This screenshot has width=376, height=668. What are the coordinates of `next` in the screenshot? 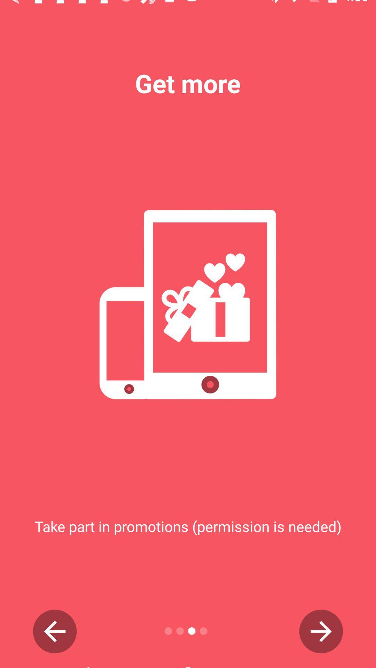 It's located at (321, 631).